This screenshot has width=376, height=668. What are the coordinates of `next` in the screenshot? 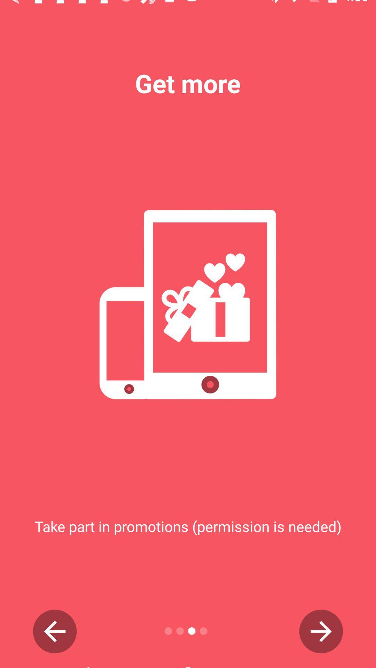 It's located at (321, 631).